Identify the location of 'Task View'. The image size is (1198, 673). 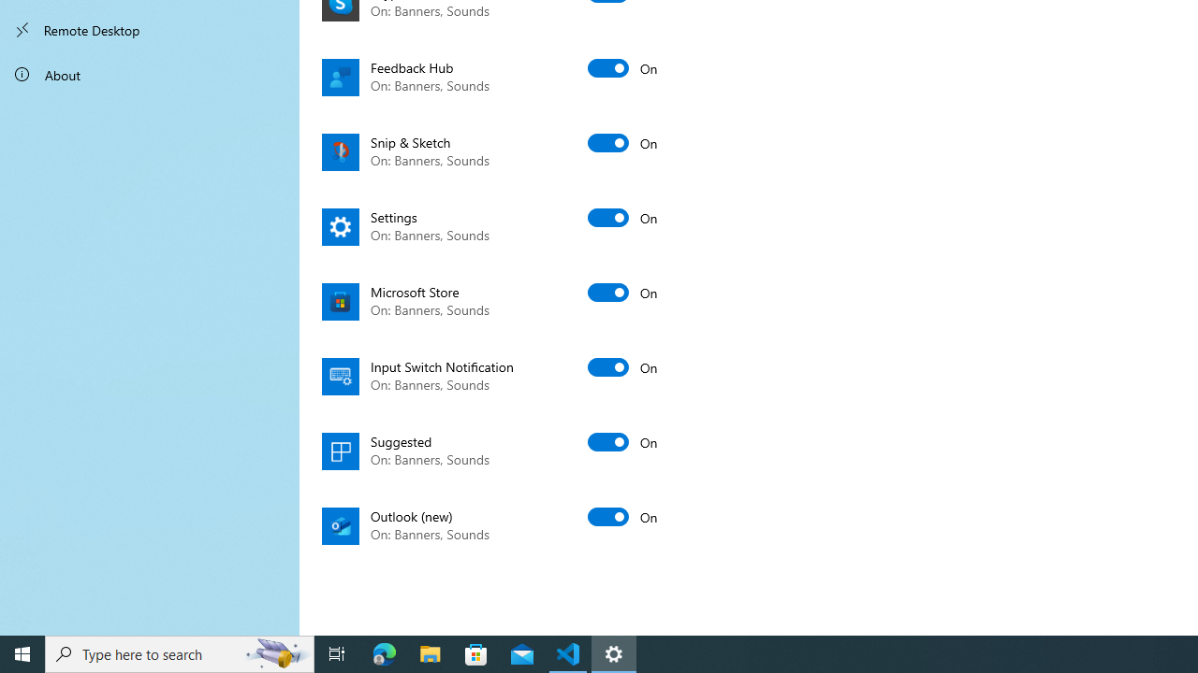
(336, 652).